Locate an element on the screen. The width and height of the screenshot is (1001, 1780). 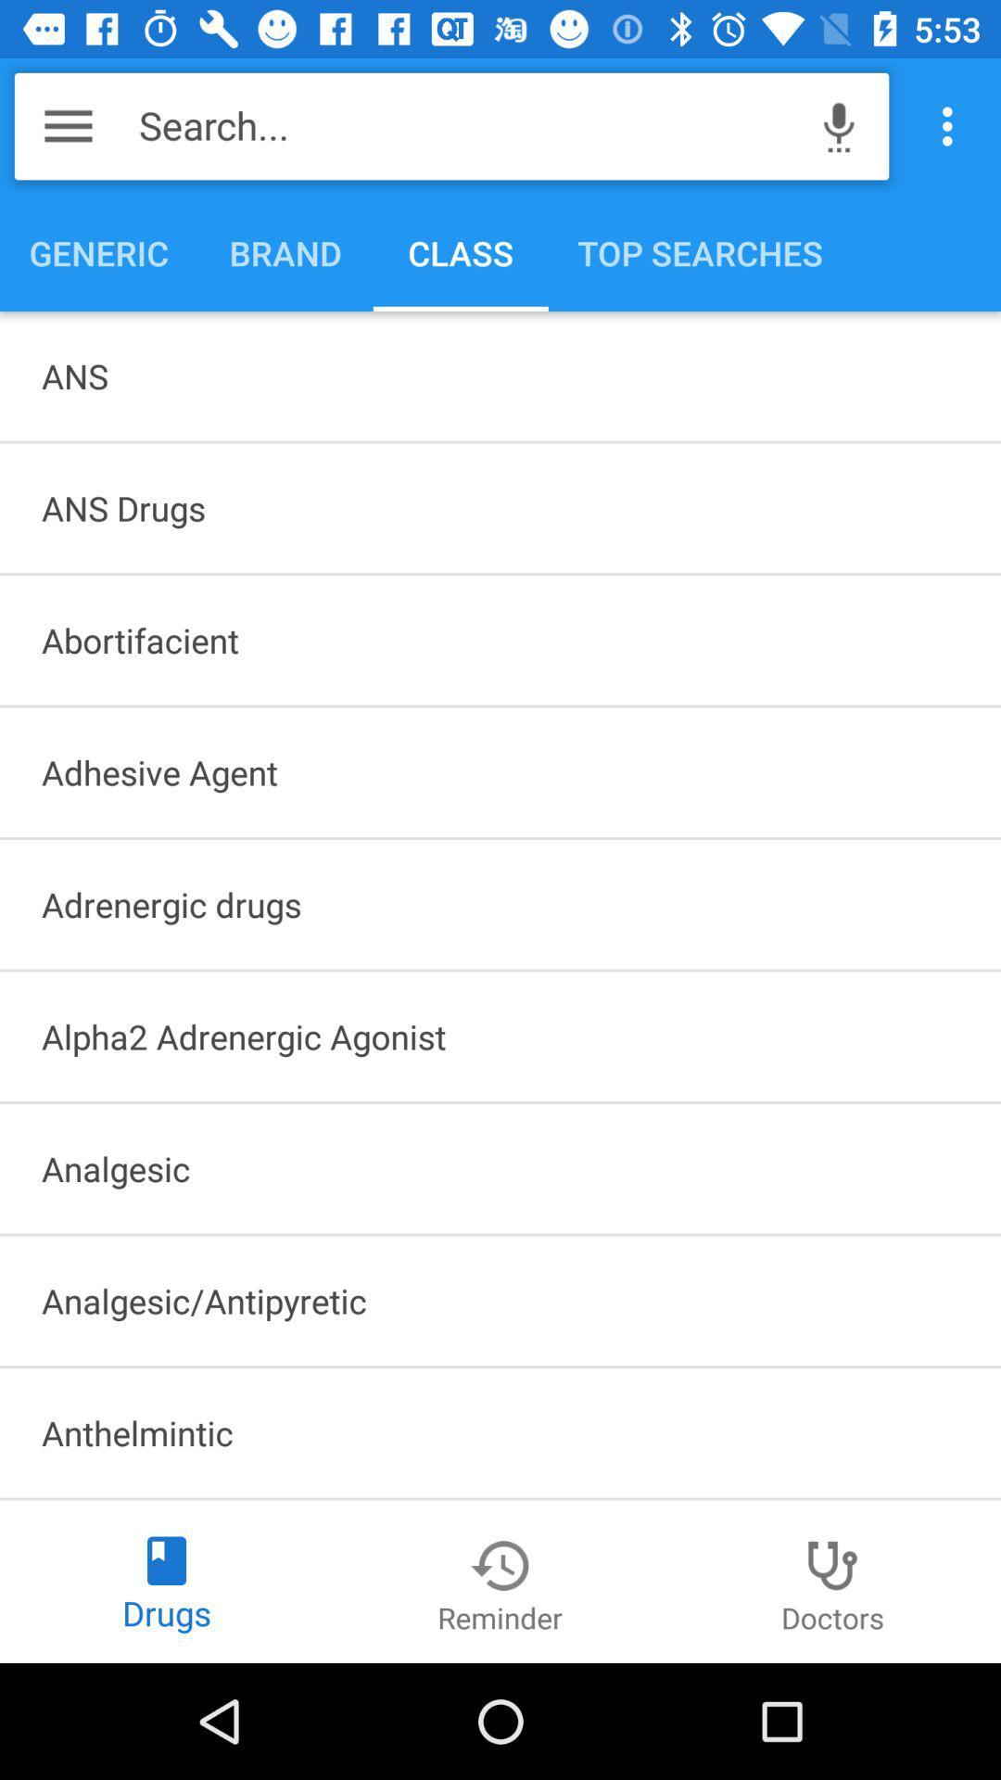
the search... is located at coordinates (467, 125).